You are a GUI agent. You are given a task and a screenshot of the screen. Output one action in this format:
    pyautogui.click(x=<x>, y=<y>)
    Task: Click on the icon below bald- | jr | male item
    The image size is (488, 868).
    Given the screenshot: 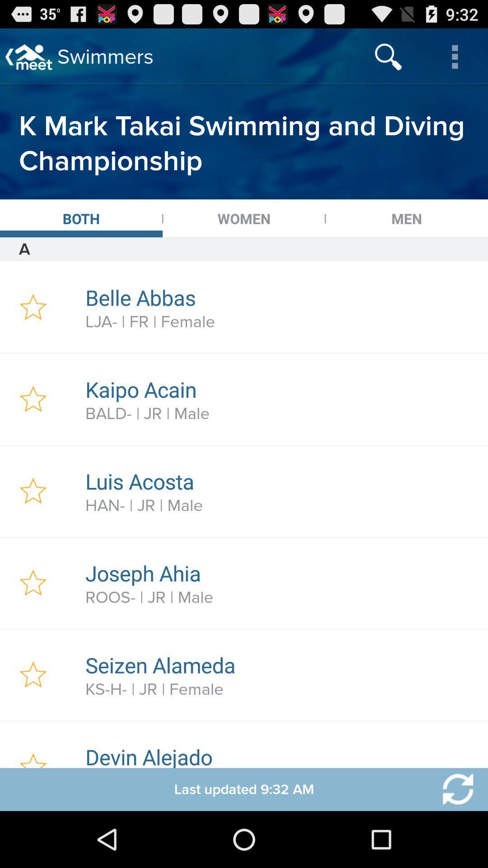 What is the action you would take?
    pyautogui.click(x=282, y=481)
    